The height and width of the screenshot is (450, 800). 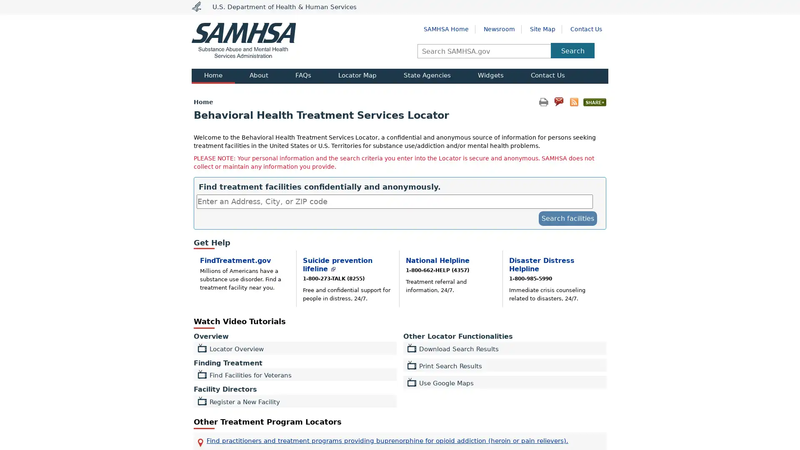 I want to click on submit, so click(x=567, y=217).